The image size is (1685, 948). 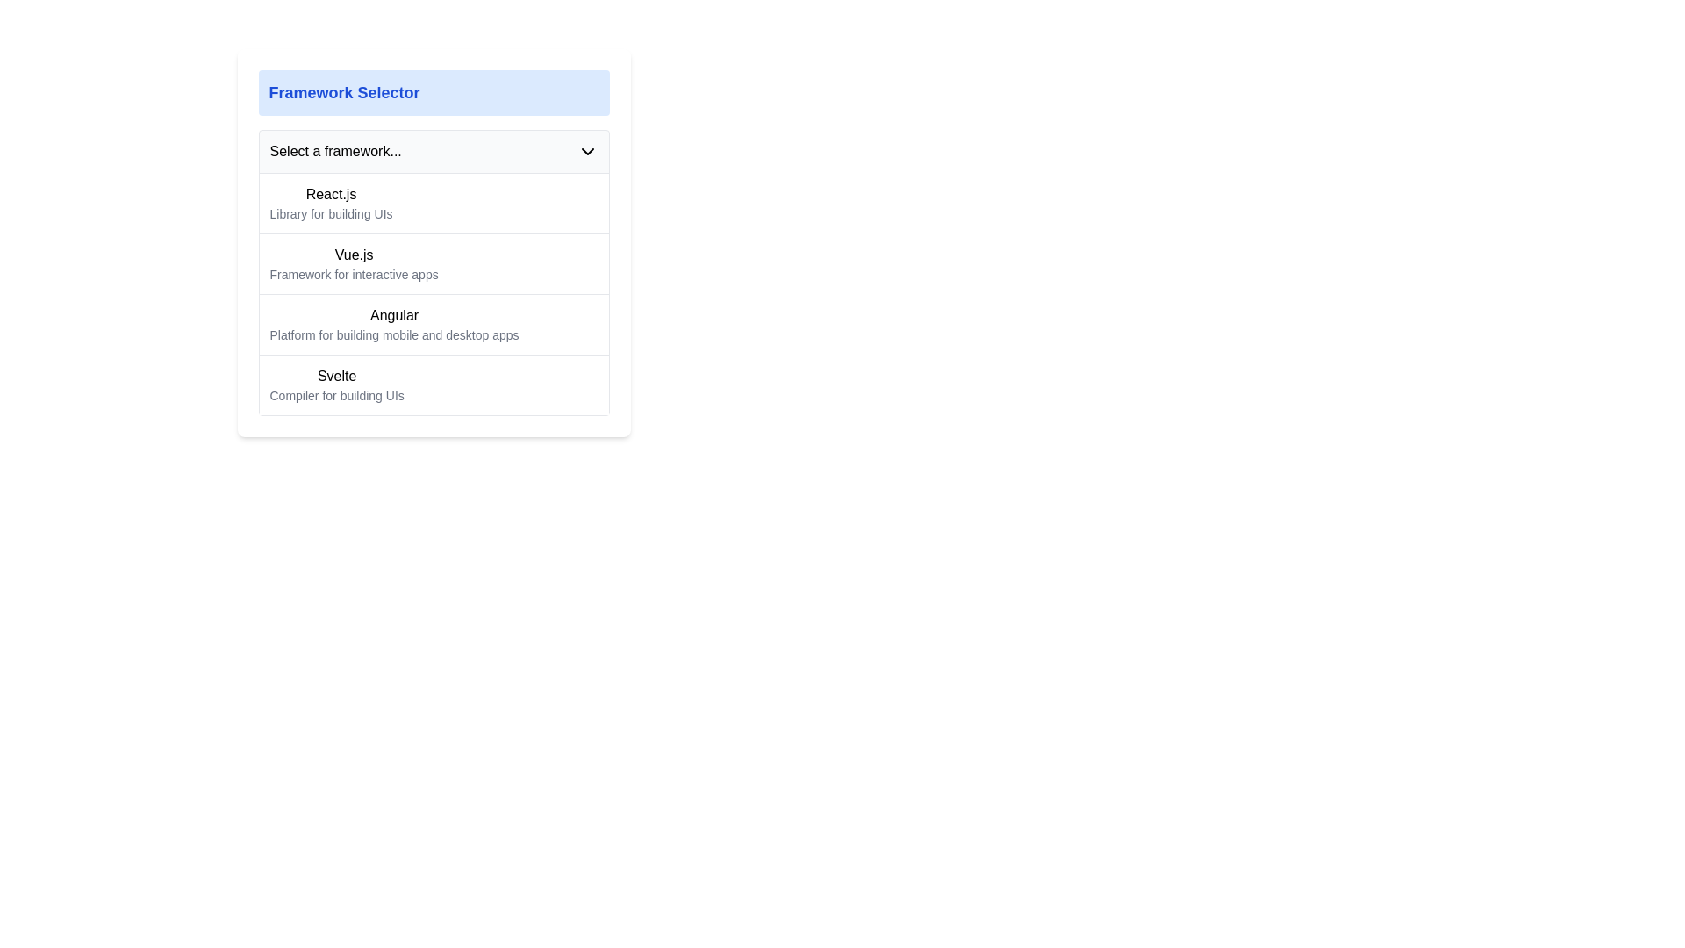 I want to click on the list item displaying 'Vue.js' in bold font, which is the second item in the dropdown list of frameworks, so click(x=353, y=263).